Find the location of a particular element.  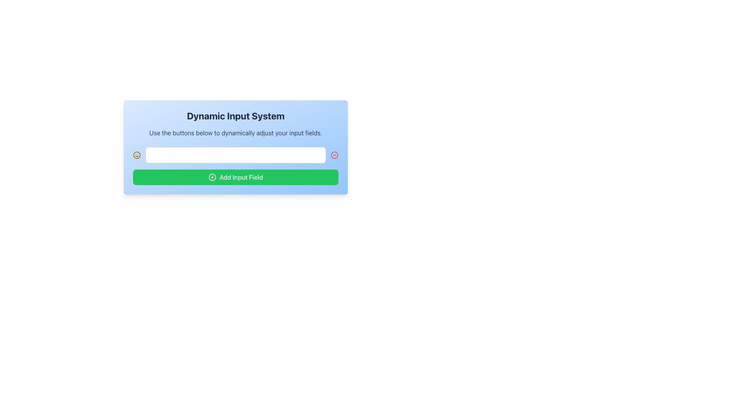

the Decorative icon, which is a small circular icon with a happy face design, styled in yellow and positioned at the leftmost side of a horizontal layout is located at coordinates (137, 155).